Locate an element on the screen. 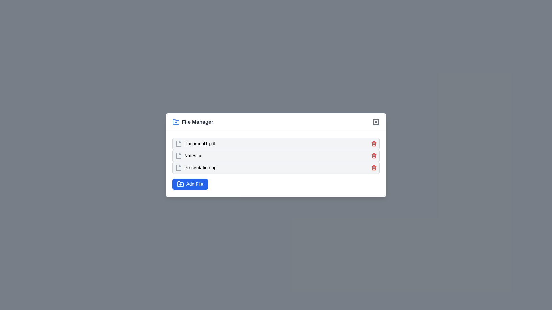  the trash bin icon for the file 'Presentation.ppt', located in the third row of the file list, which serves as a visual representation for deleting the corresponding file is located at coordinates (374, 168).